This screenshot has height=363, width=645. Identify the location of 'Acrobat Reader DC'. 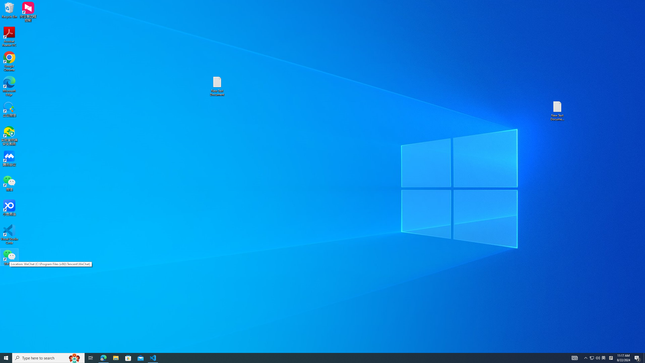
(9, 37).